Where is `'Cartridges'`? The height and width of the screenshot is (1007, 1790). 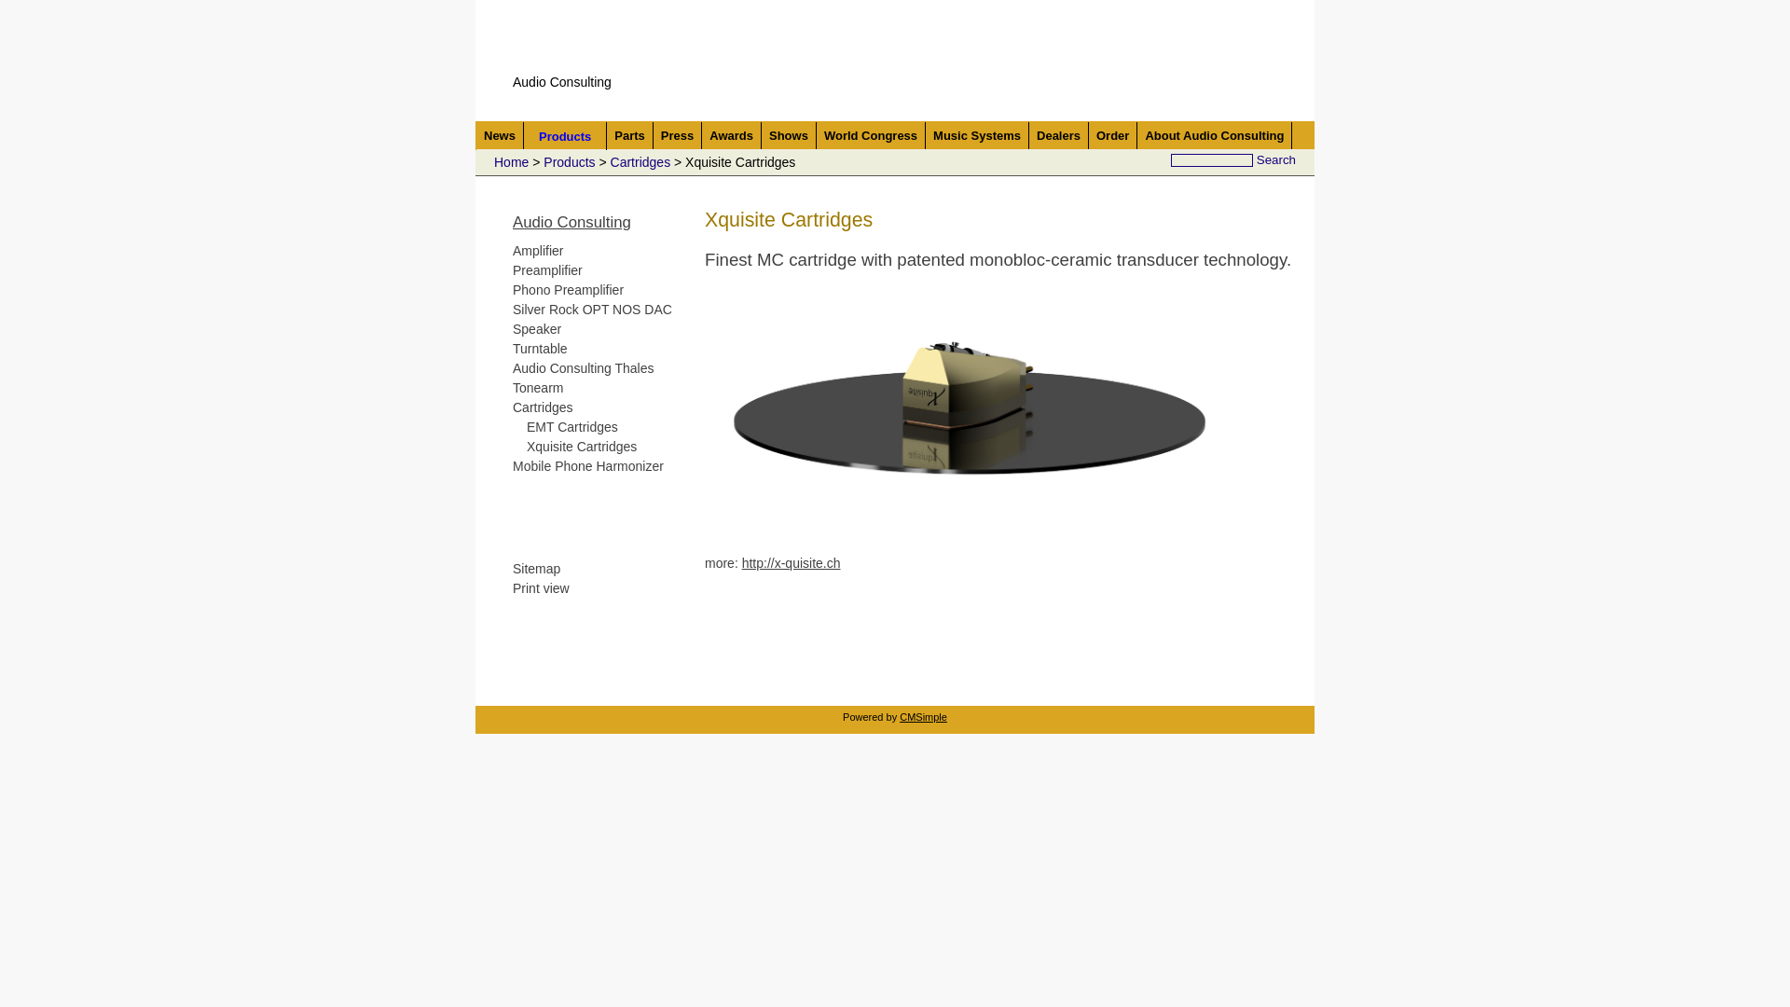 'Cartridges' is located at coordinates (640, 160).